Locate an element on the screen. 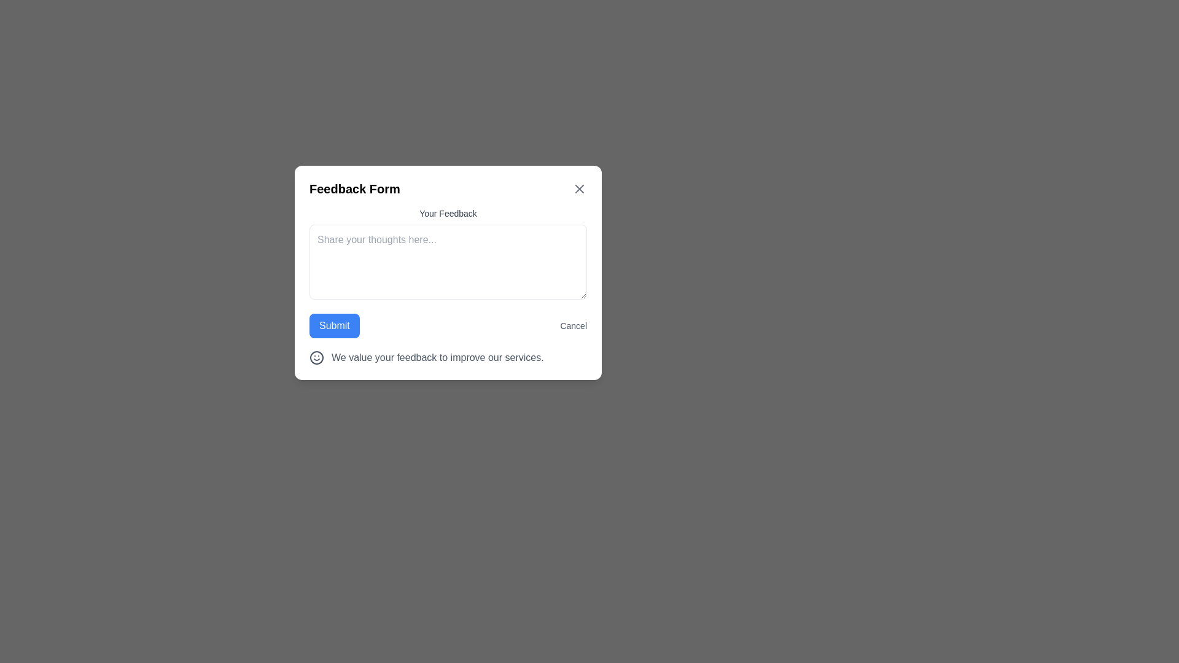  the cancel button located in the top-right corner of the modal interface is located at coordinates (573, 325).